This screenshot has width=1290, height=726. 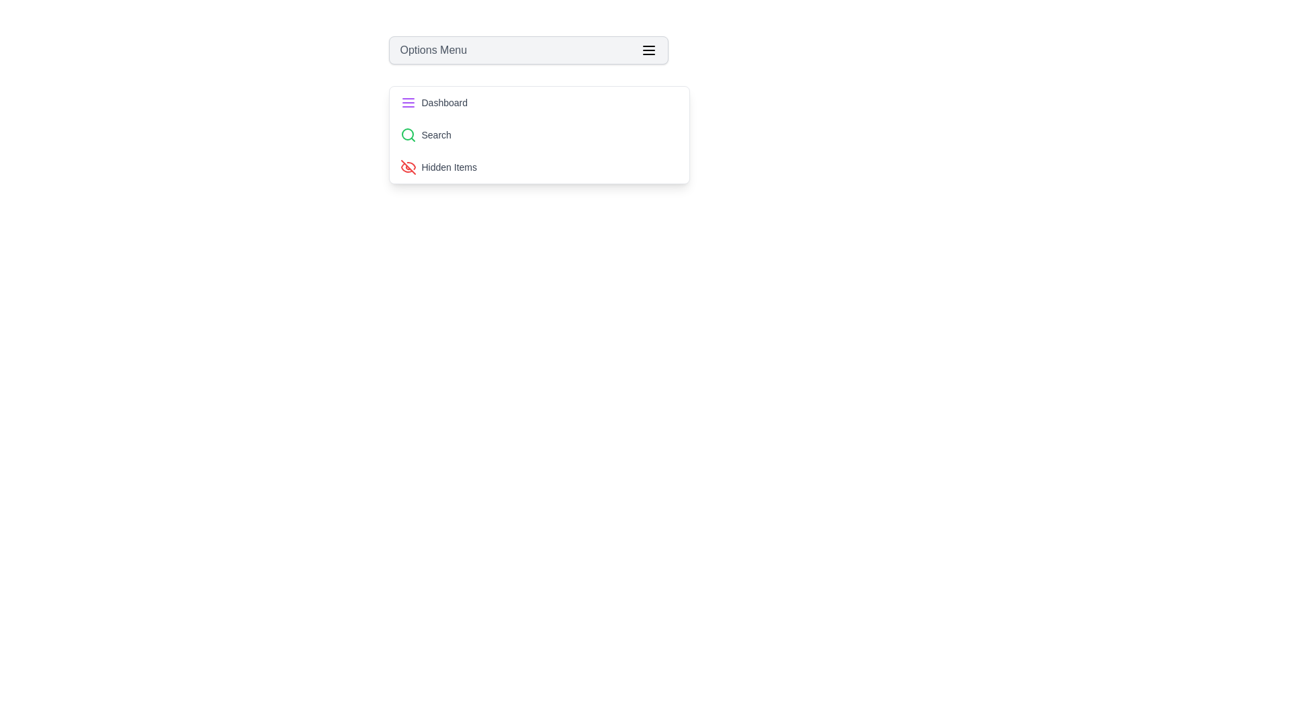 I want to click on the magnifying icon located to the left of the 'Search' text label in the dropdown menu, so click(x=407, y=134).